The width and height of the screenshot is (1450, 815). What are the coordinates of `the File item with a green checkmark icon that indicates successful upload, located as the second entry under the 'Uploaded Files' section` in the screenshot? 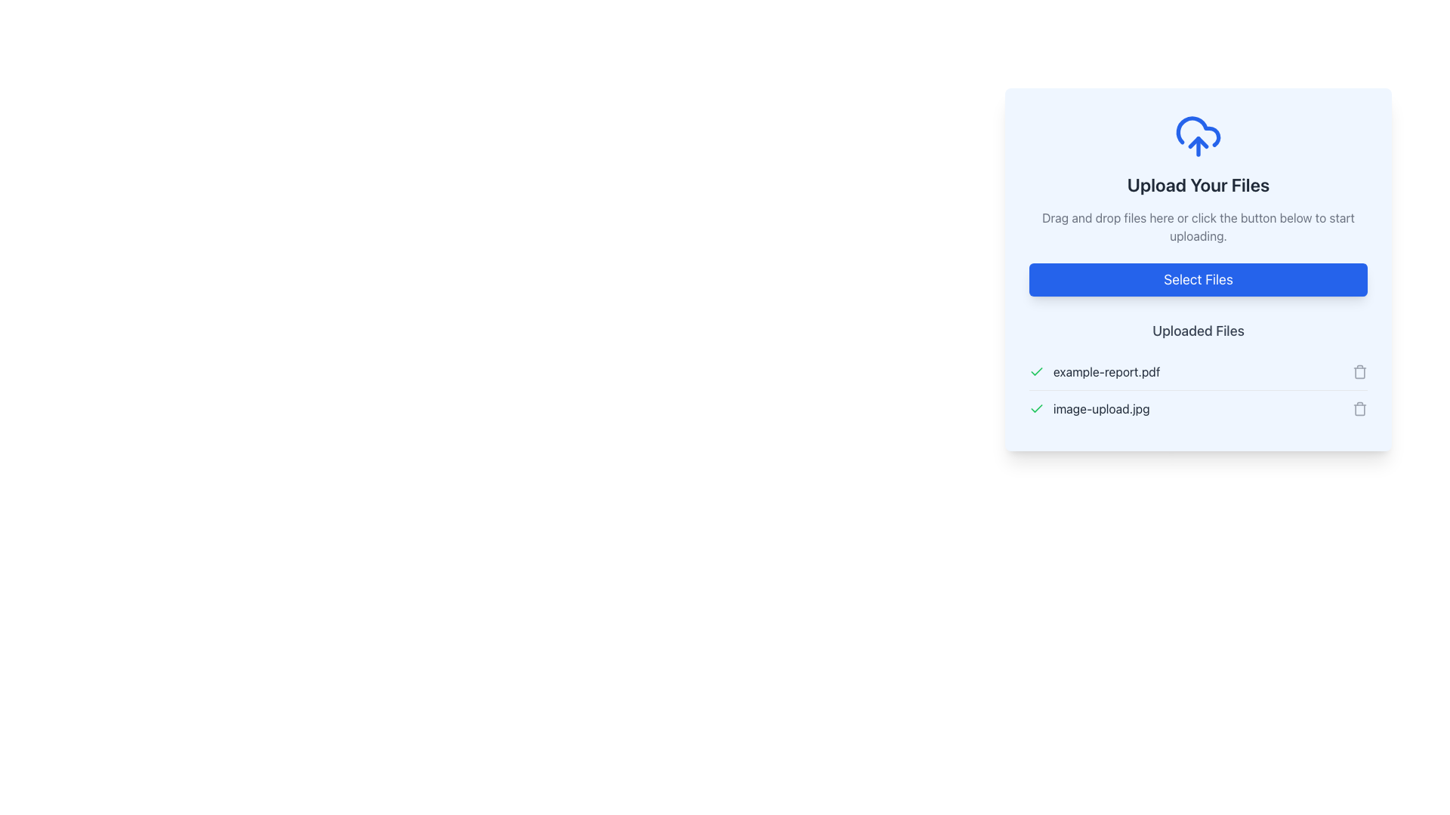 It's located at (1089, 409).